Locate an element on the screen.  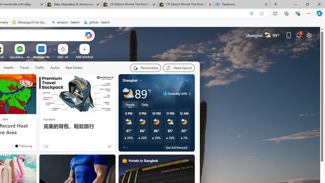
'Collections' is located at coordinates (286, 13).